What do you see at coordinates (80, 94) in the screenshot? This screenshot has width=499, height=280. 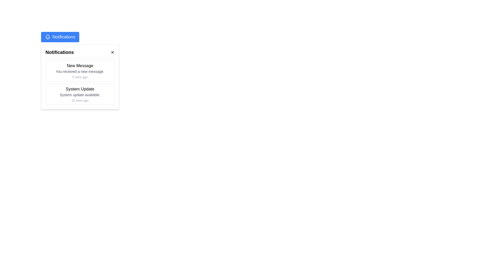 I see `the Notification Item displaying 'System Update' which is the second item in the notification list` at bounding box center [80, 94].